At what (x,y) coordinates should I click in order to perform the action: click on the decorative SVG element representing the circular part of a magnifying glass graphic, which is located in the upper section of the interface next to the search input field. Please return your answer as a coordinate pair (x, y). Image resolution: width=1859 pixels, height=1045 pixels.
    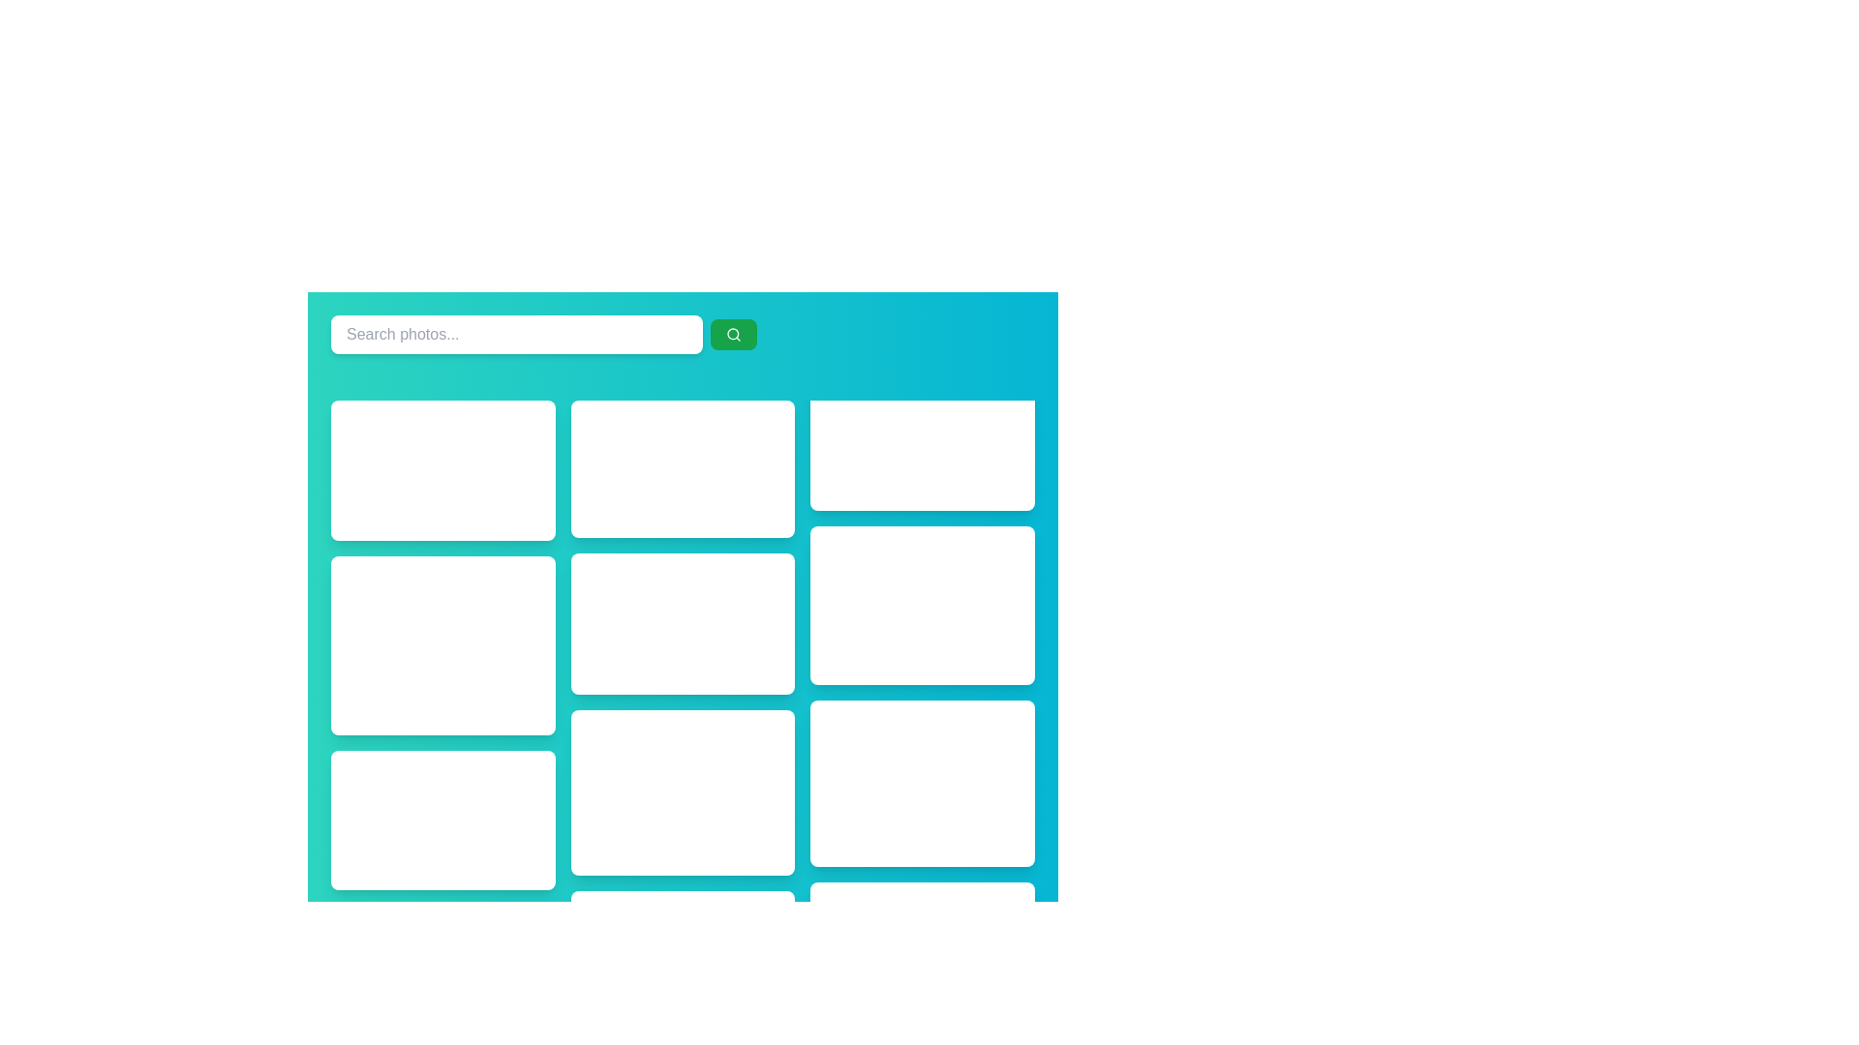
    Looking at the image, I should click on (732, 333).